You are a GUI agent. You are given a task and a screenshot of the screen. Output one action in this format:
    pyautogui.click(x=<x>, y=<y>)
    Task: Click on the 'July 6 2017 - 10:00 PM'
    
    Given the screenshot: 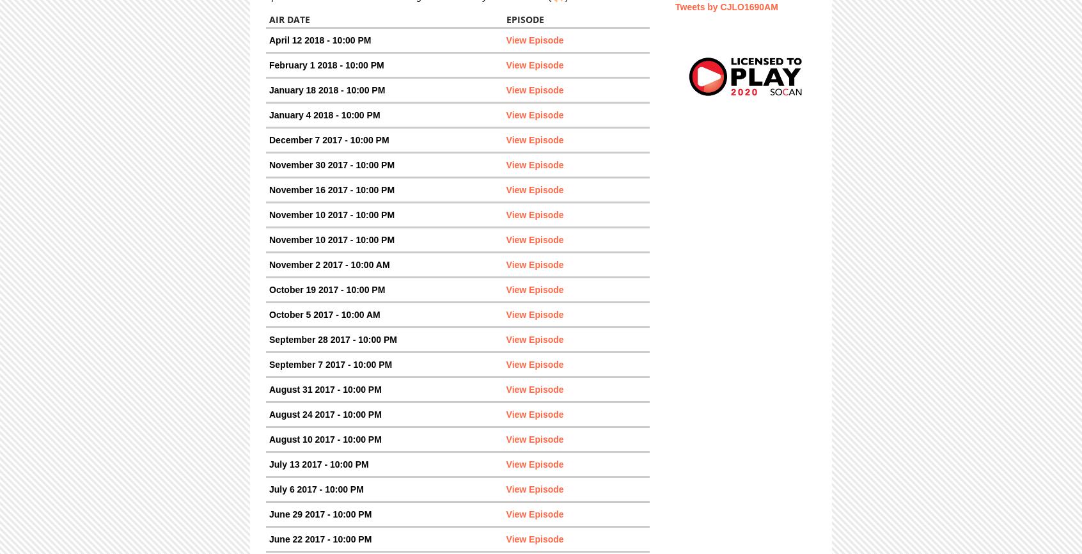 What is the action you would take?
    pyautogui.click(x=316, y=487)
    